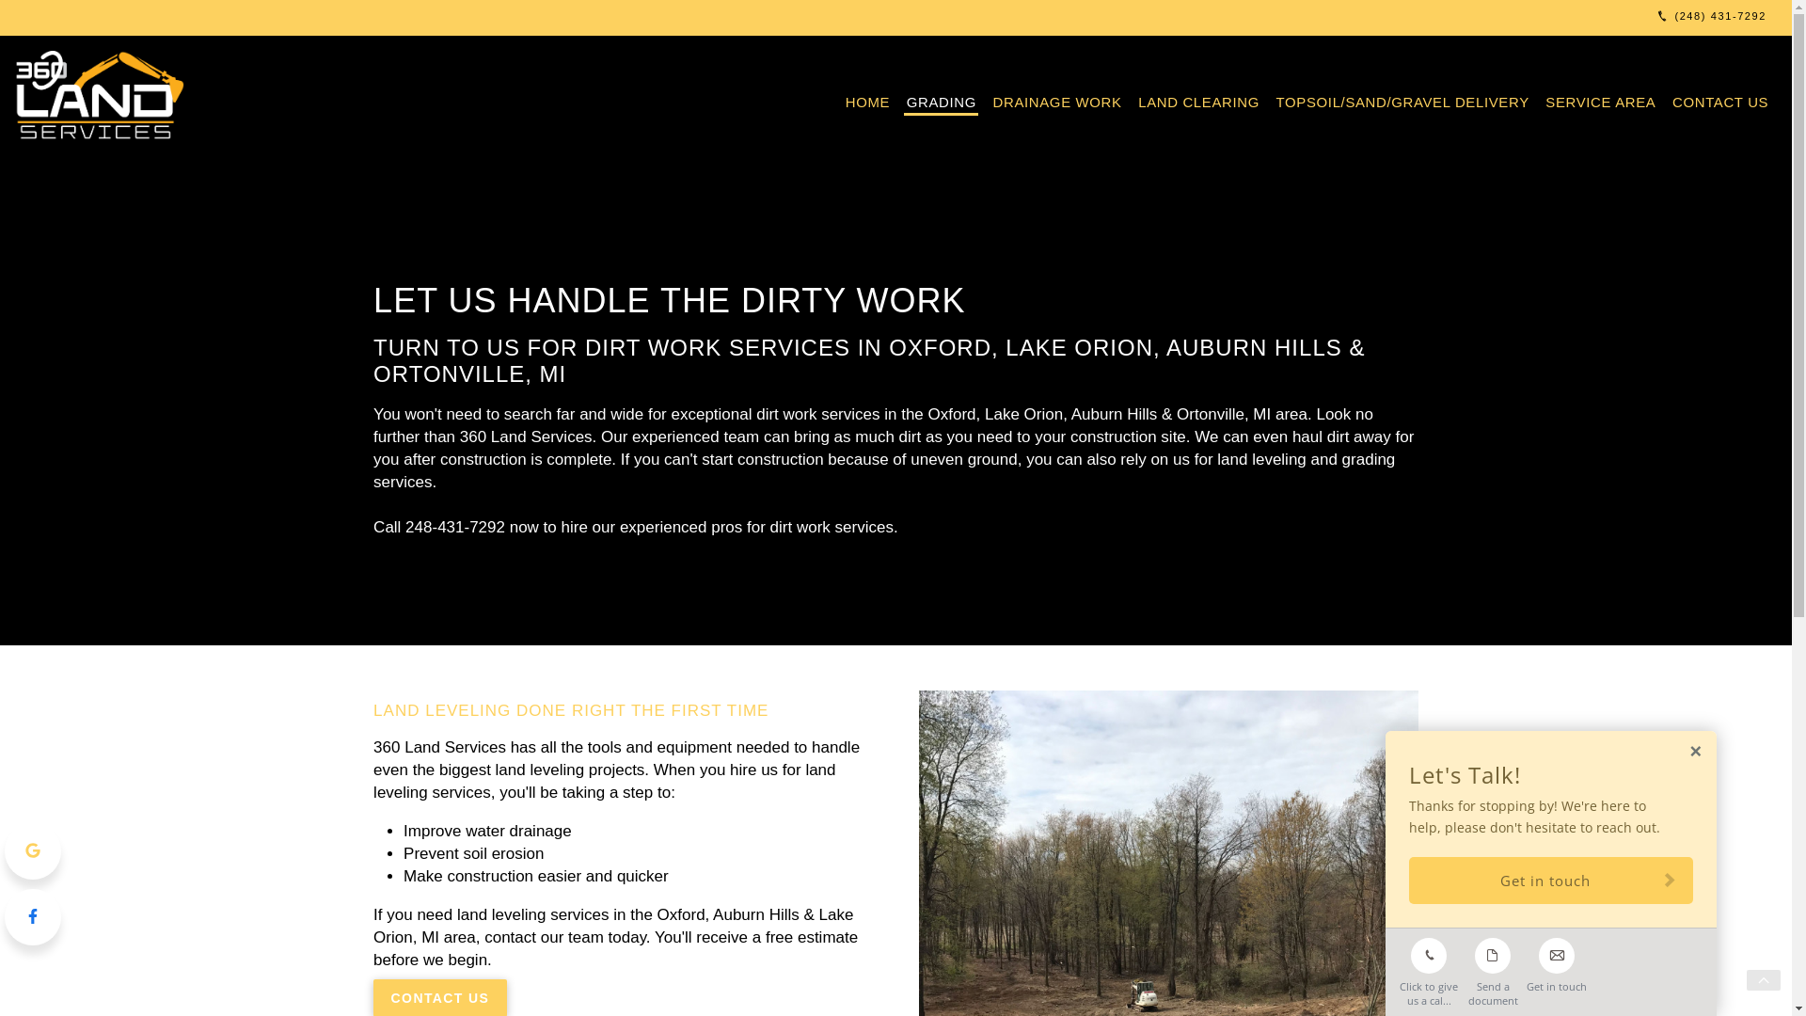 Image resolution: width=1806 pixels, height=1016 pixels. I want to click on 'DRAINAGE WORK', so click(1056, 98).